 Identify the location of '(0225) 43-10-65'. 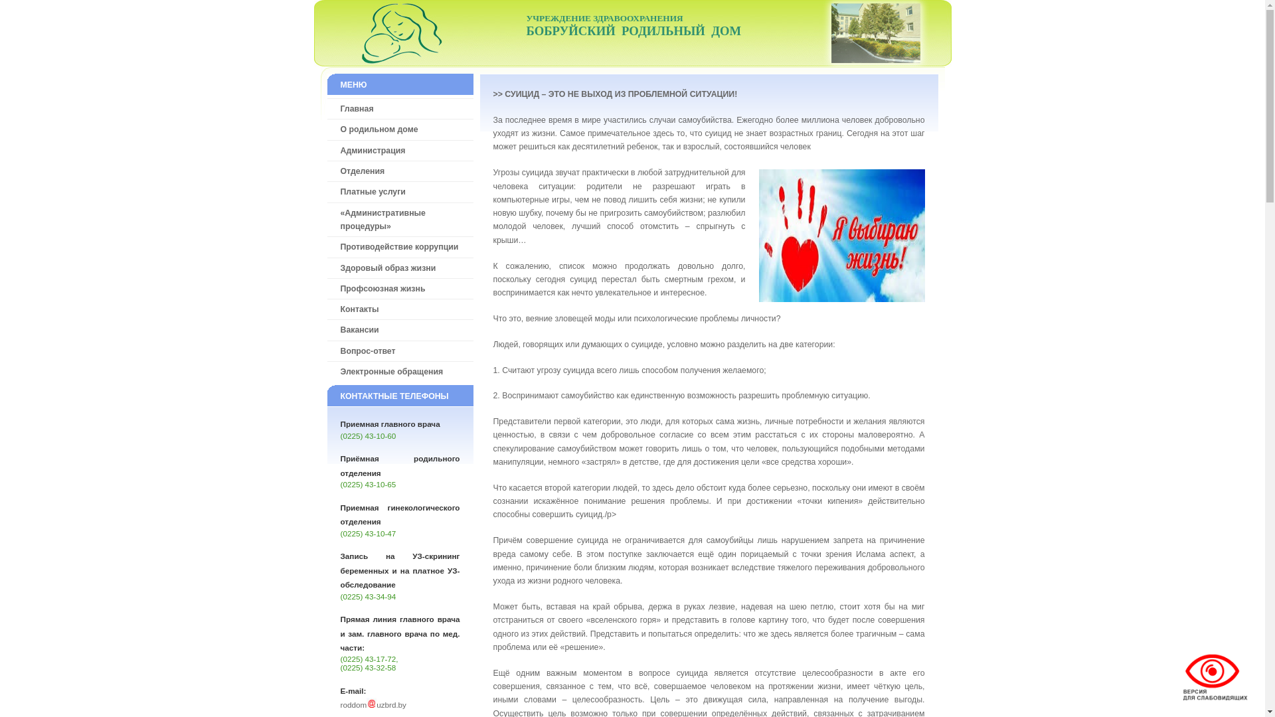
(367, 484).